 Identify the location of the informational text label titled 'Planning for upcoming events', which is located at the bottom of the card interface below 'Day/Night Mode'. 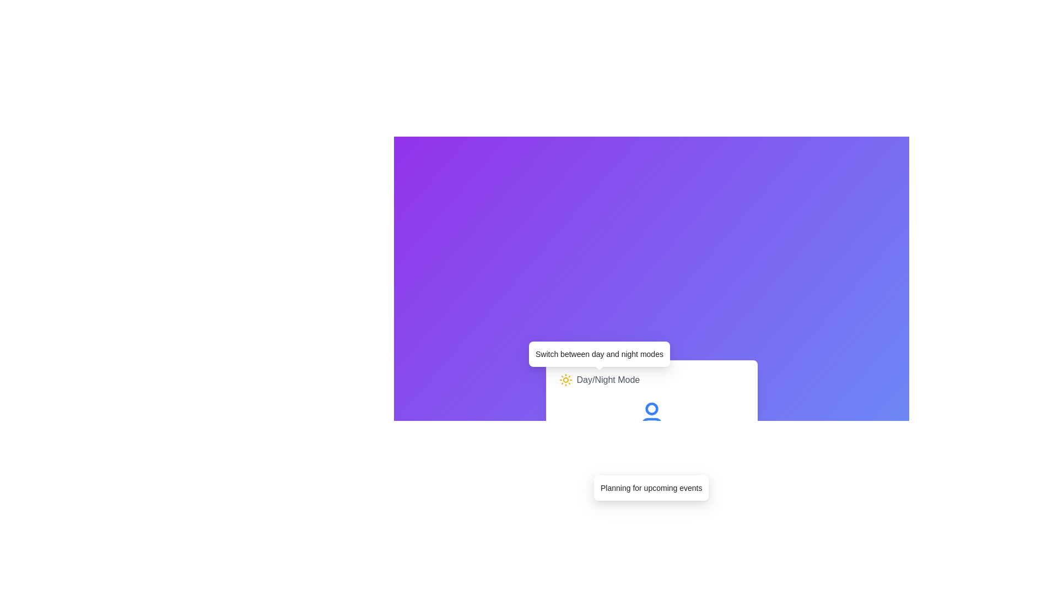
(651, 488).